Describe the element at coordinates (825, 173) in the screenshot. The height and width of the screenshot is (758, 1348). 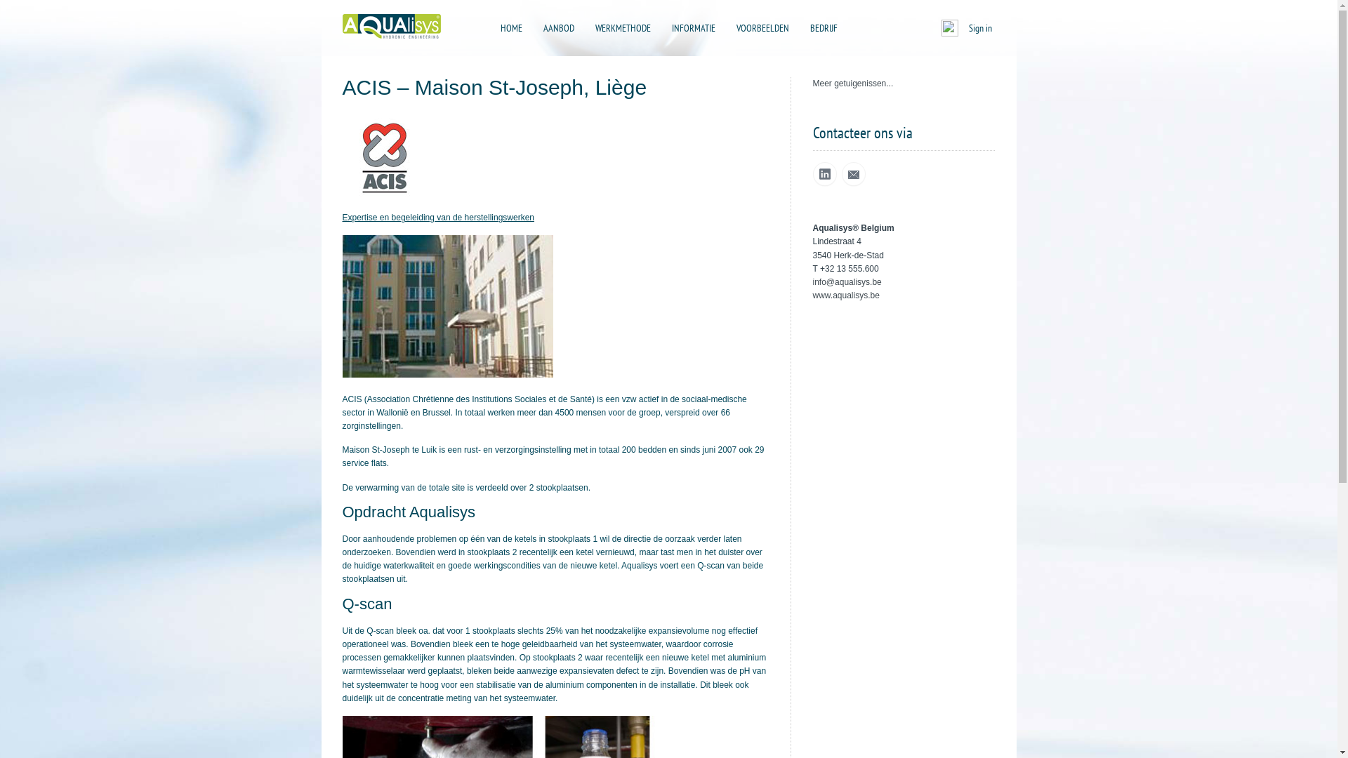
I see `'Linked In'` at that location.